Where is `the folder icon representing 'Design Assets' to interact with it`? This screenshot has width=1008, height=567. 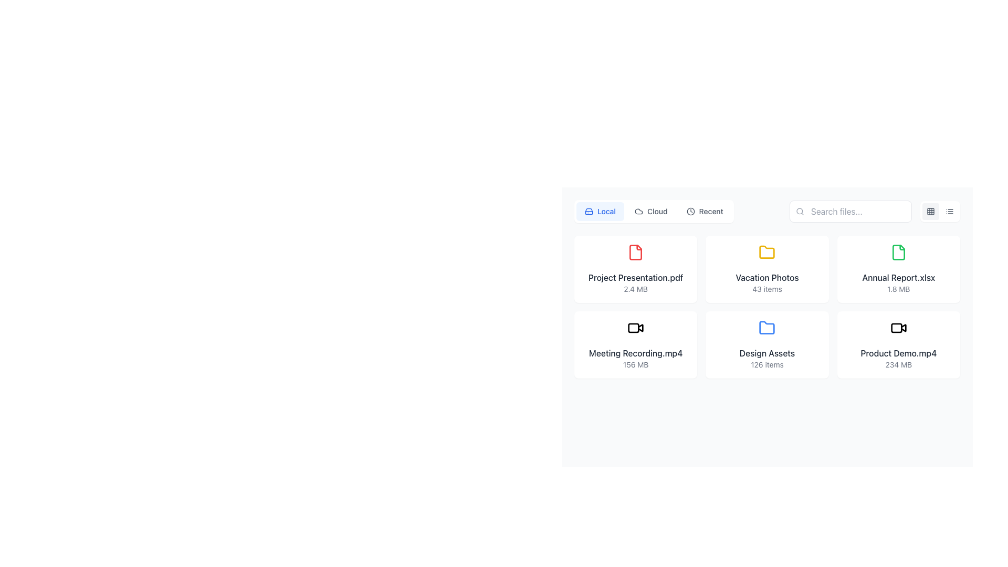
the folder icon representing 'Design Assets' to interact with it is located at coordinates (767, 327).